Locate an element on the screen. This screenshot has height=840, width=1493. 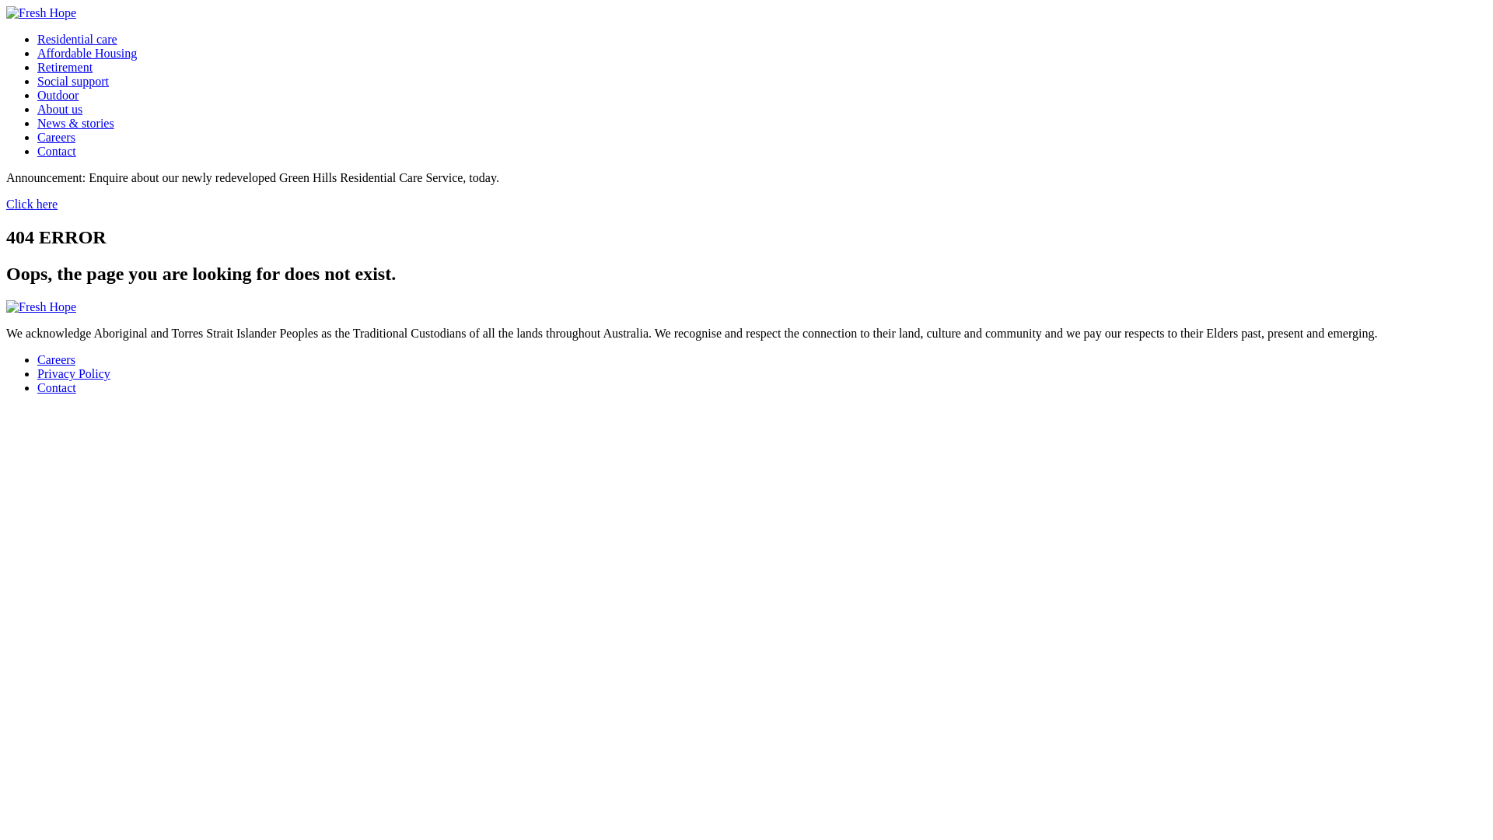
'About us' is located at coordinates (37, 108).